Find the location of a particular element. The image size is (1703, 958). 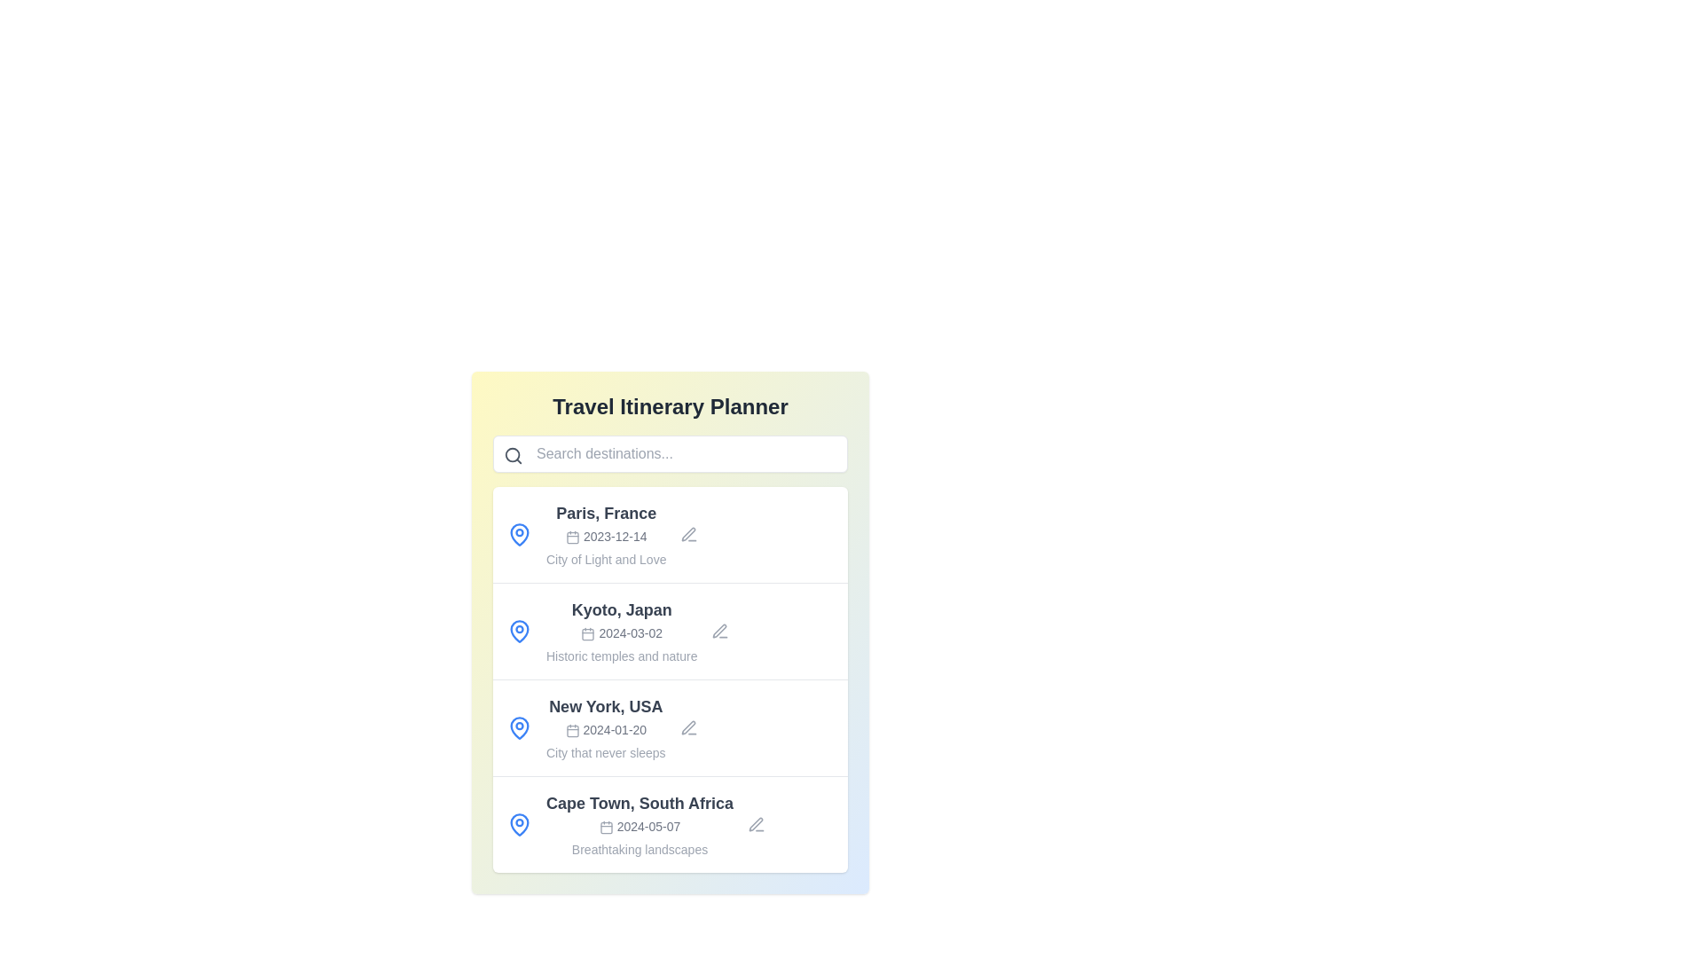

the first travel destination information card displayed below the 'Search destinations...' input field in the scrollable panel is located at coordinates (669, 533).